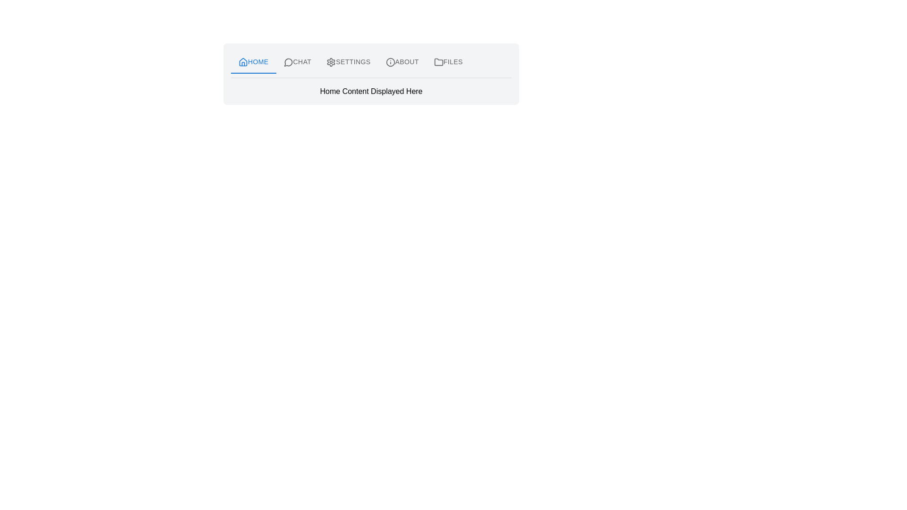 The height and width of the screenshot is (510, 907). I want to click on the house icon in the top navigation bar, which is associated with the 'HOME' section of the interface, so click(243, 62).